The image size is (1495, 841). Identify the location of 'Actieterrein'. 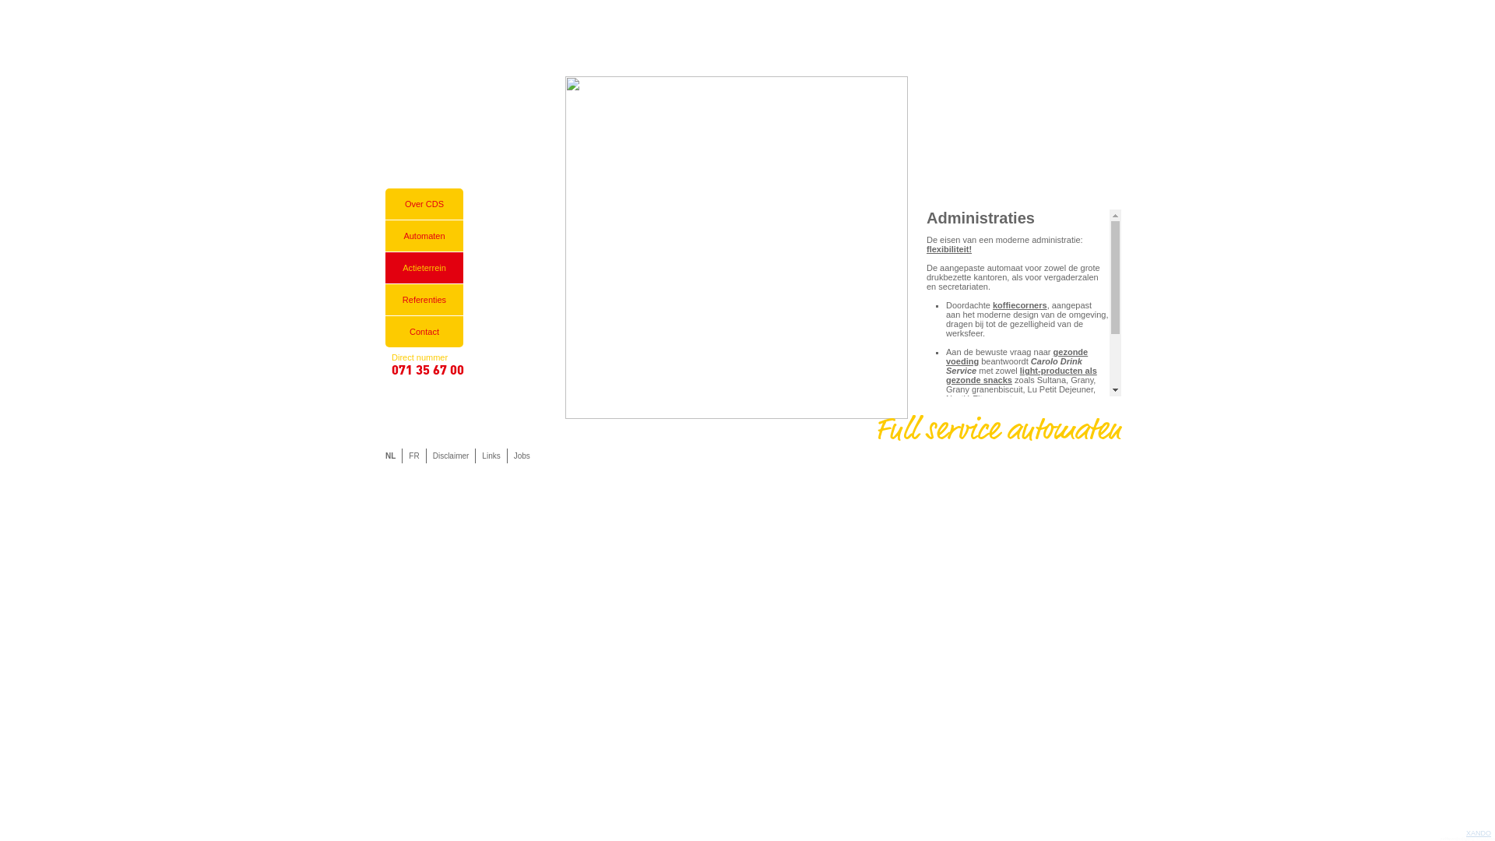
(424, 266).